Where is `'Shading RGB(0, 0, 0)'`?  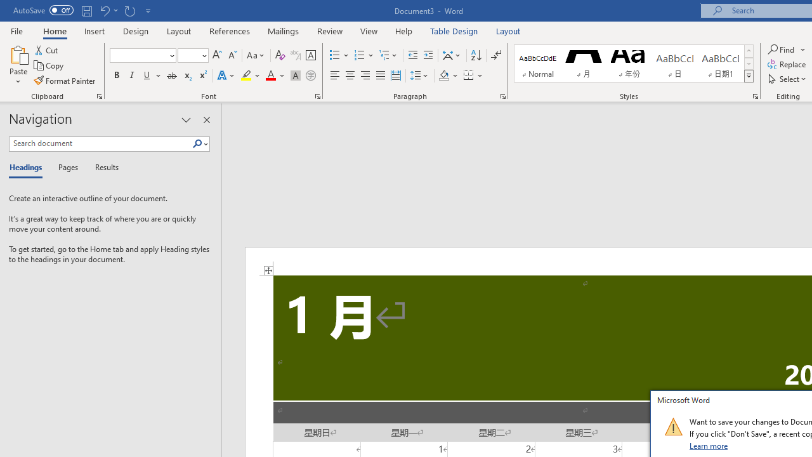 'Shading RGB(0, 0, 0)' is located at coordinates (443, 76).